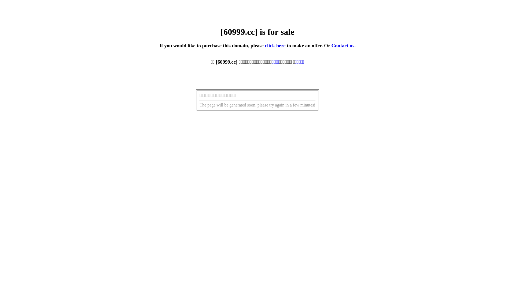  Describe the element at coordinates (275, 45) in the screenshot. I see `'click here'` at that location.